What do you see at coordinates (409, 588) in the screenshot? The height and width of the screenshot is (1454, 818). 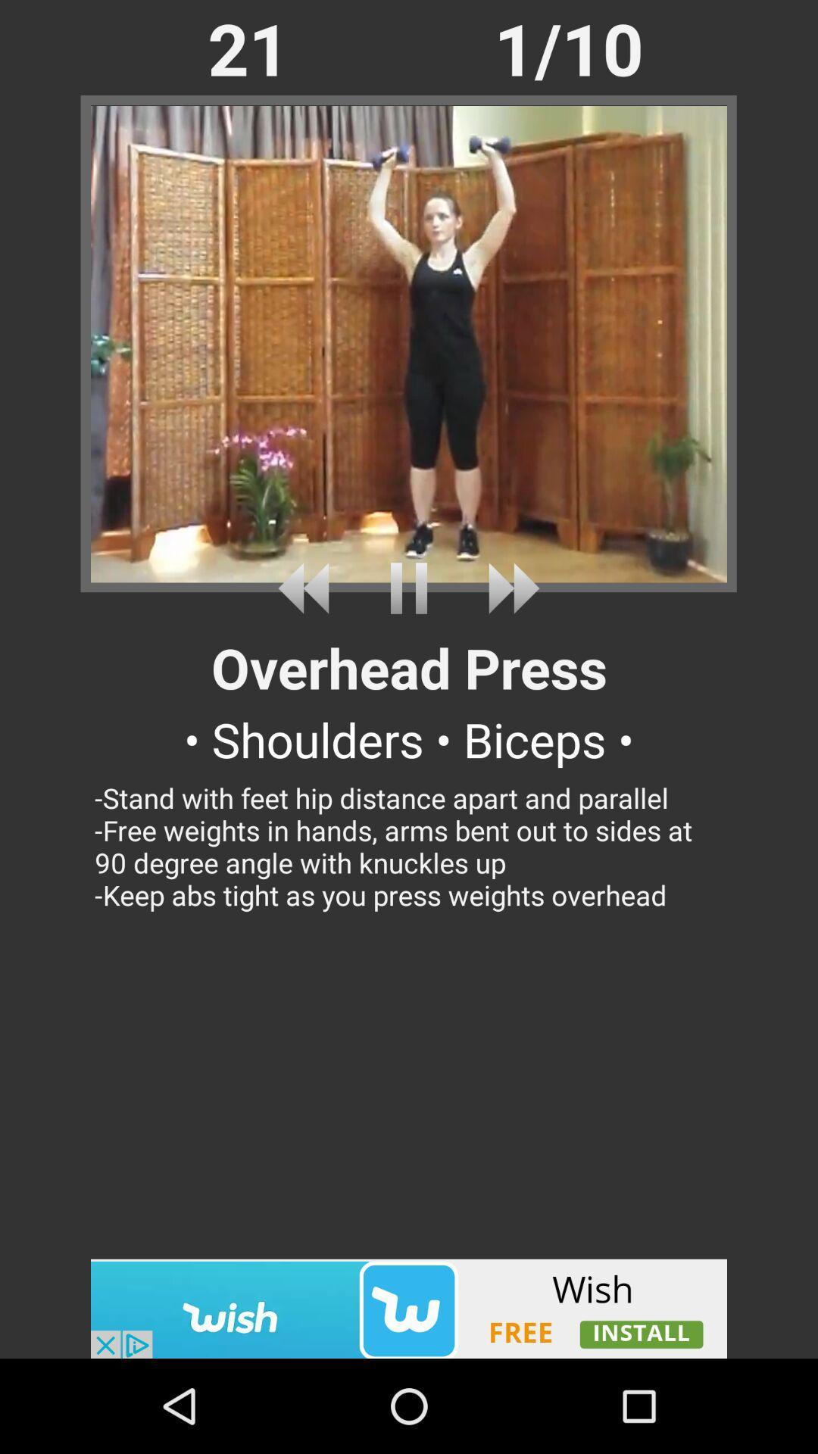 I see `stop option` at bounding box center [409, 588].